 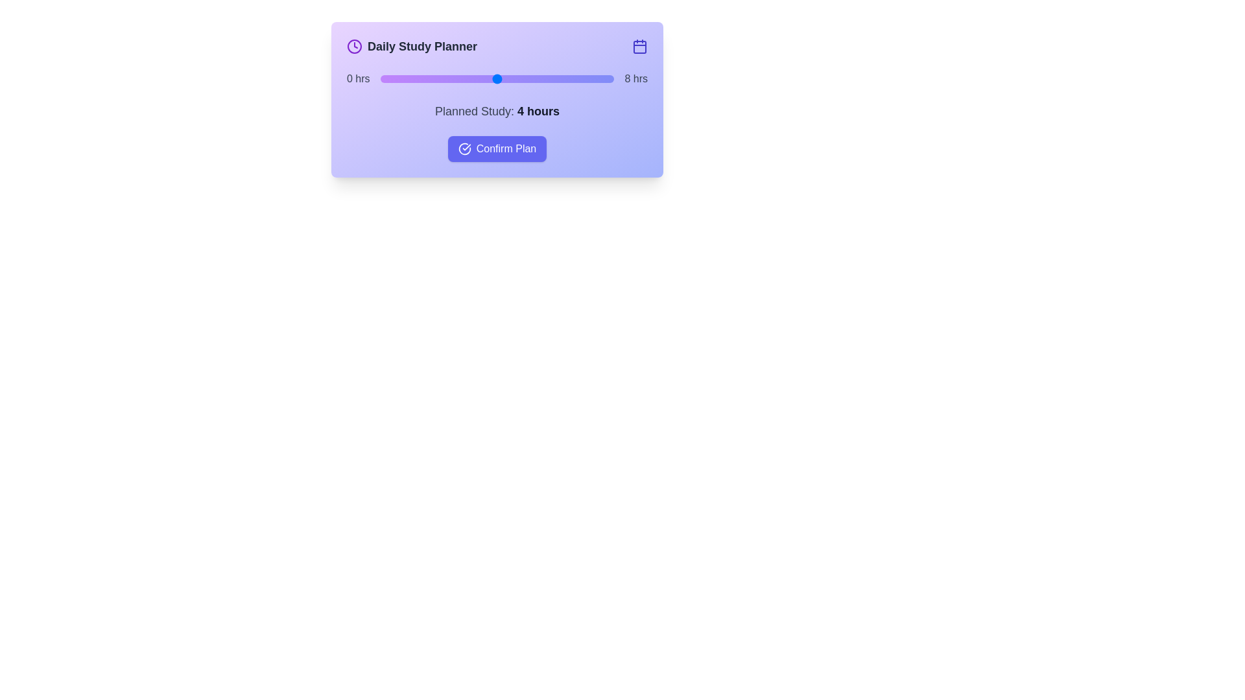 I want to click on the slider to set the study hours to 0, so click(x=379, y=79).